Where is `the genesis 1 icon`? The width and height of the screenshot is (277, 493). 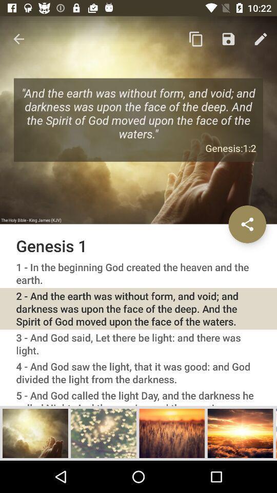
the genesis 1 icon is located at coordinates (138, 245).